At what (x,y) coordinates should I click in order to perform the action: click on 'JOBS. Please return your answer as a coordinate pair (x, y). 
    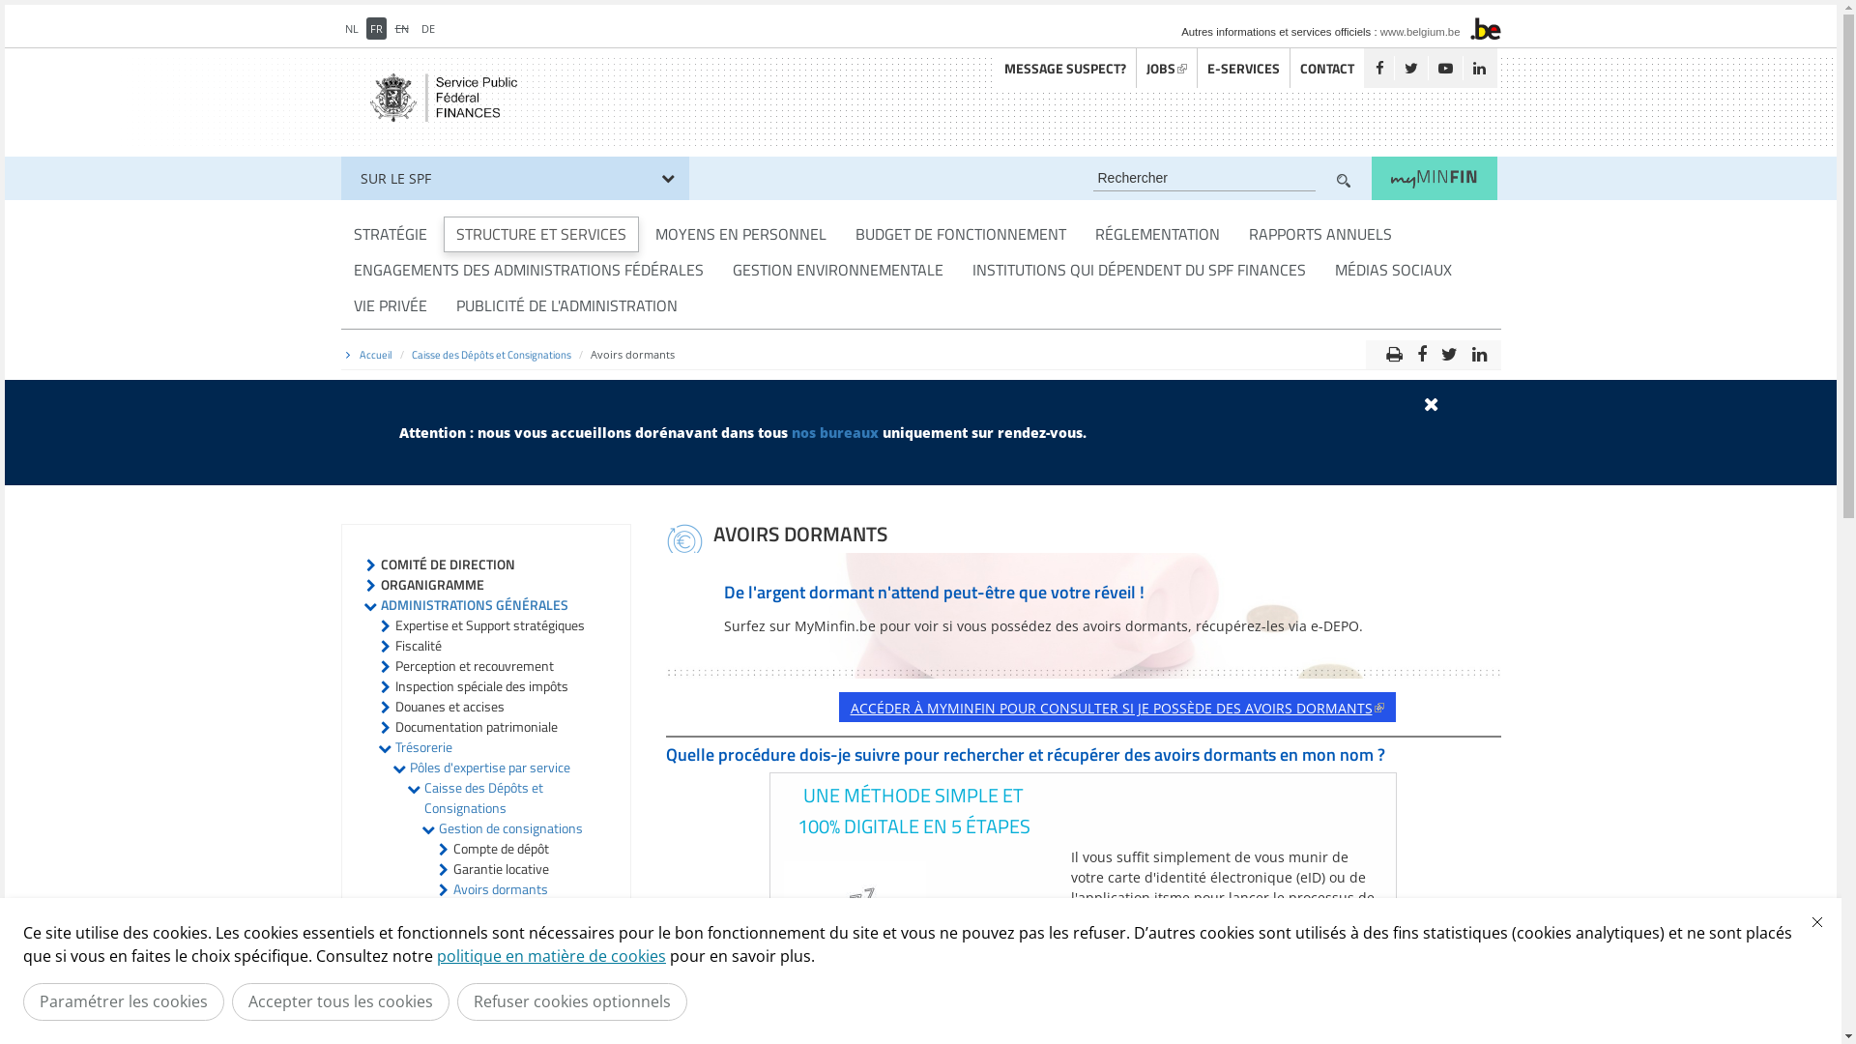
    Looking at the image, I should click on (1165, 67).